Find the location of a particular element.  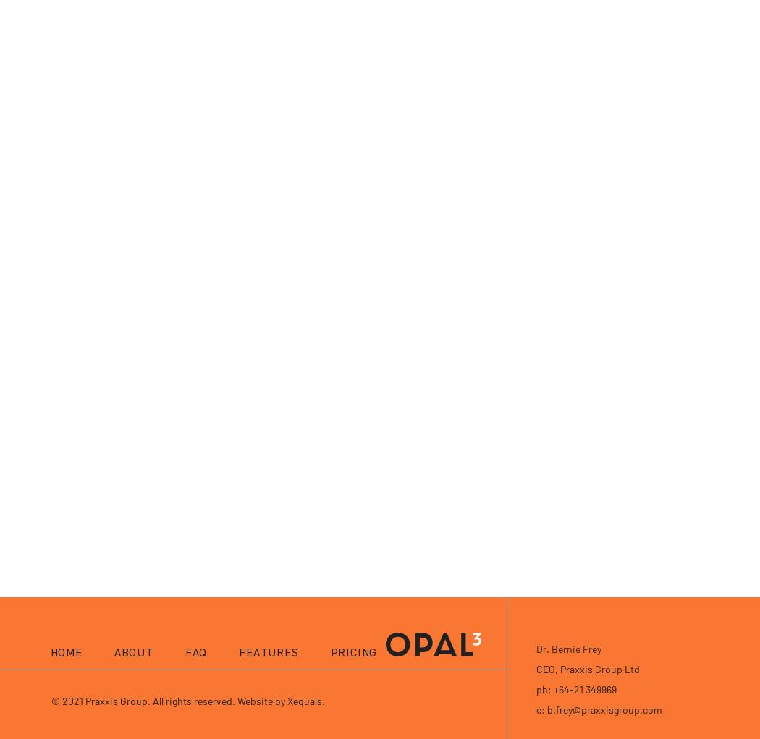

'e: b.frey@praxxisgroup.com' is located at coordinates (599, 709).